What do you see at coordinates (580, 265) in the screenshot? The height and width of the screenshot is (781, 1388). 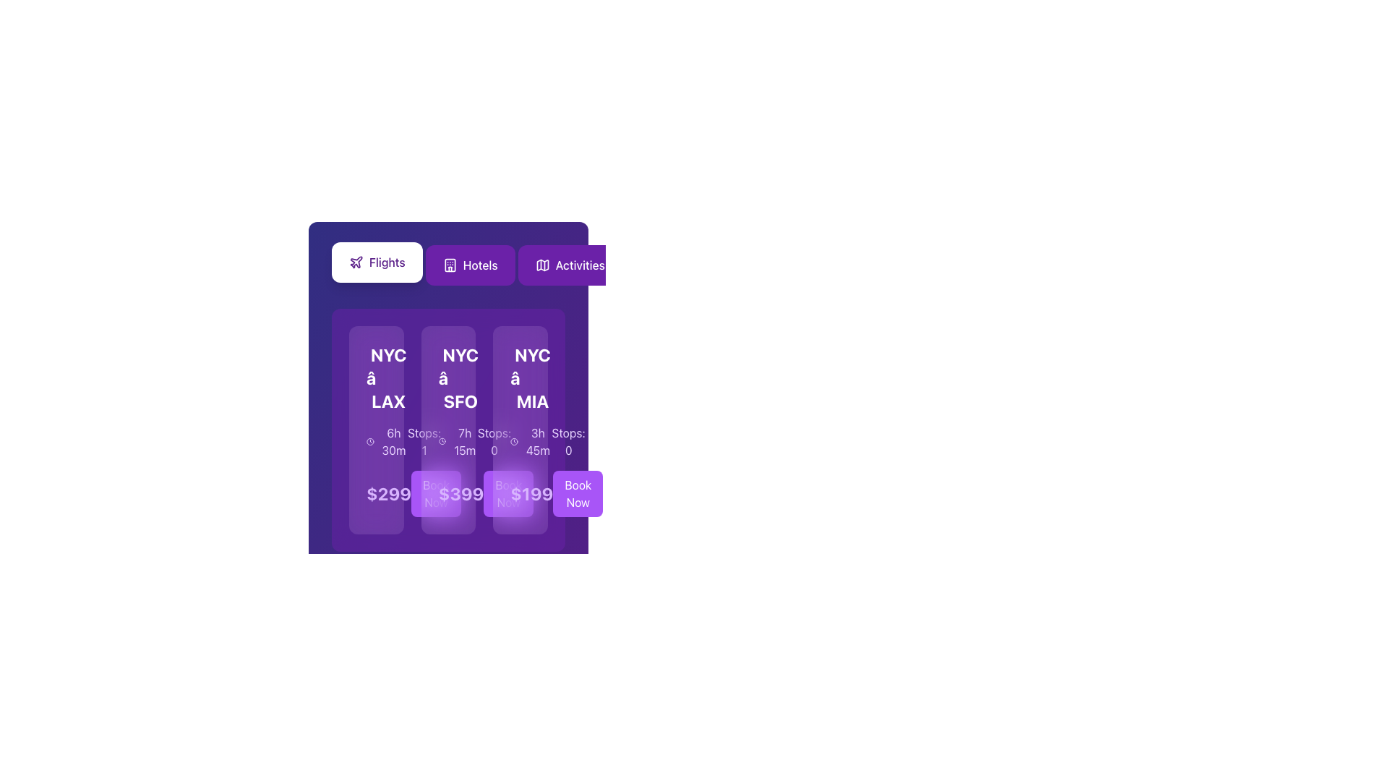 I see `the 'Activities' menu item in the top-right navigation bar` at bounding box center [580, 265].